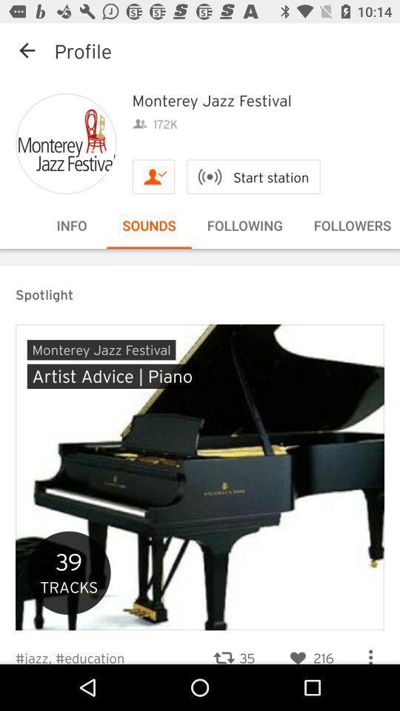  What do you see at coordinates (309, 648) in the screenshot?
I see `icon to the right of 35 icon` at bounding box center [309, 648].